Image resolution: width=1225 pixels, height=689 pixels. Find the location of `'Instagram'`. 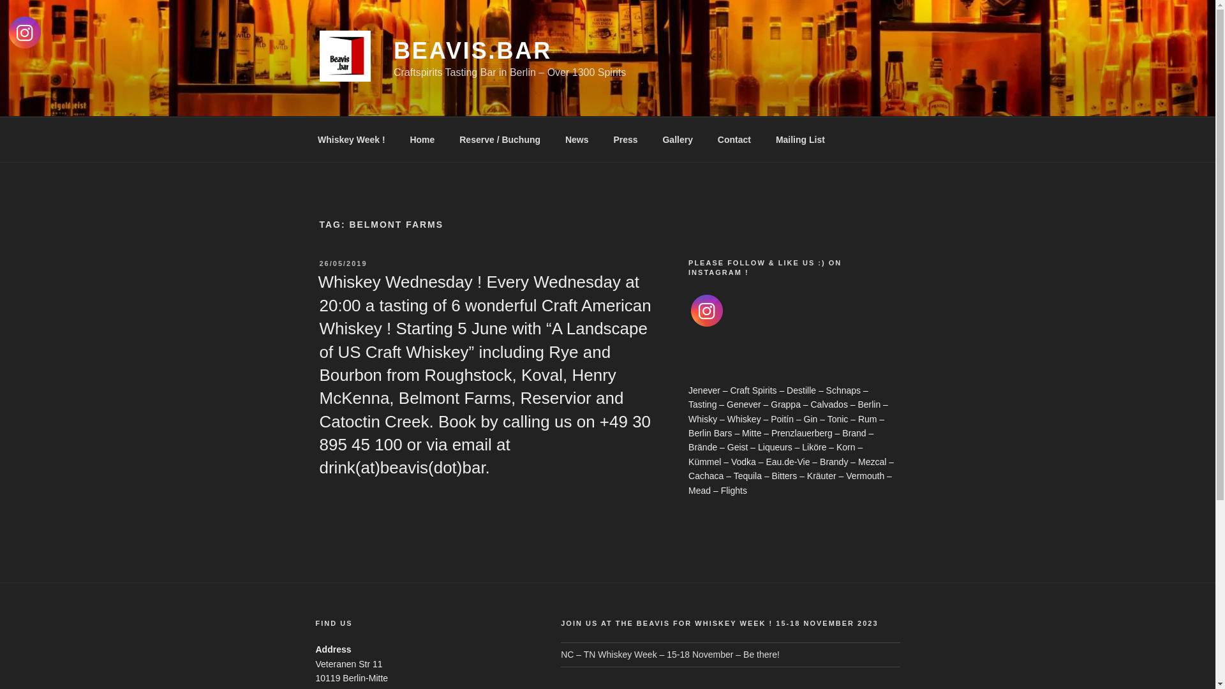

'Instagram' is located at coordinates (706, 310).